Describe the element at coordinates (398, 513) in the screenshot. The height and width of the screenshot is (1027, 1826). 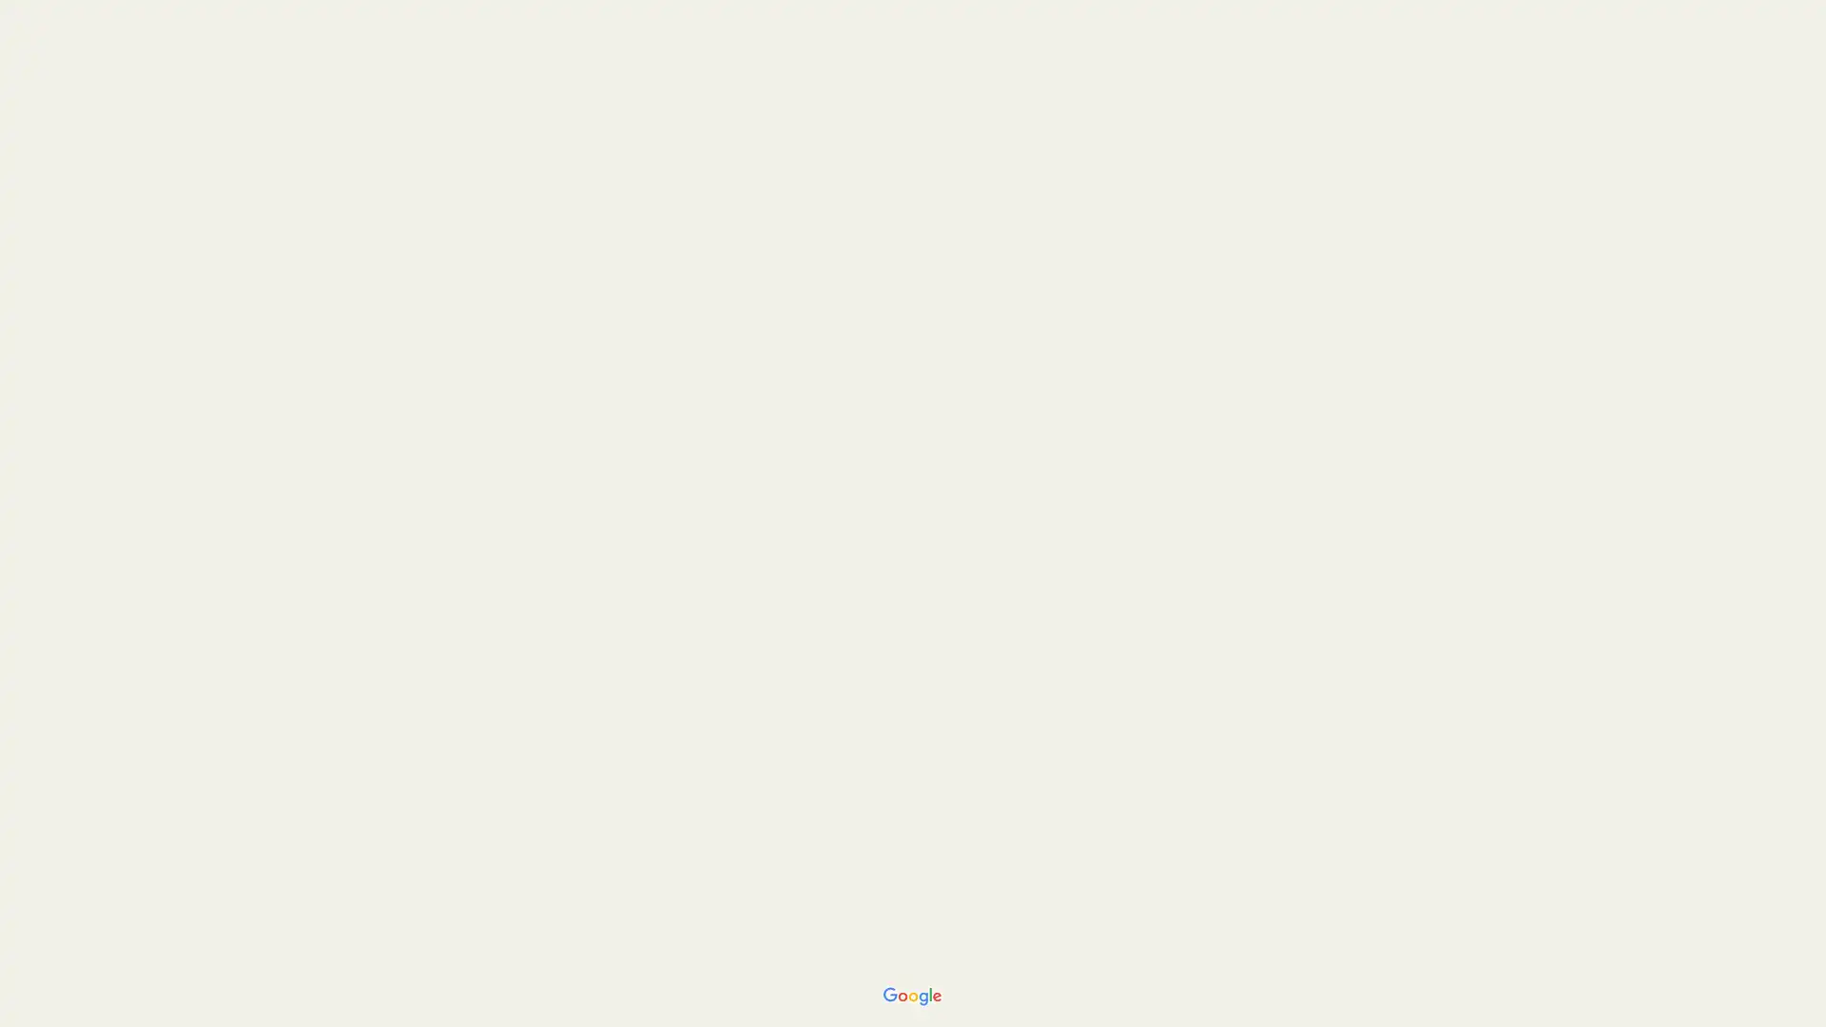
I see `Collapse side panel` at that location.